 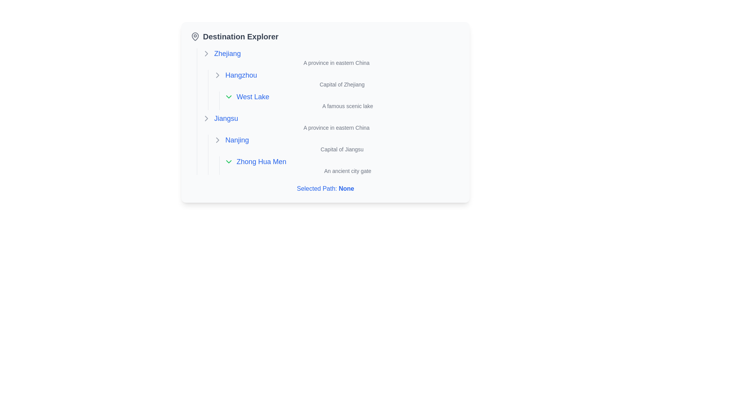 I want to click on the right-facing chevron icon located before the text label 'Hangzhou', so click(x=217, y=75).